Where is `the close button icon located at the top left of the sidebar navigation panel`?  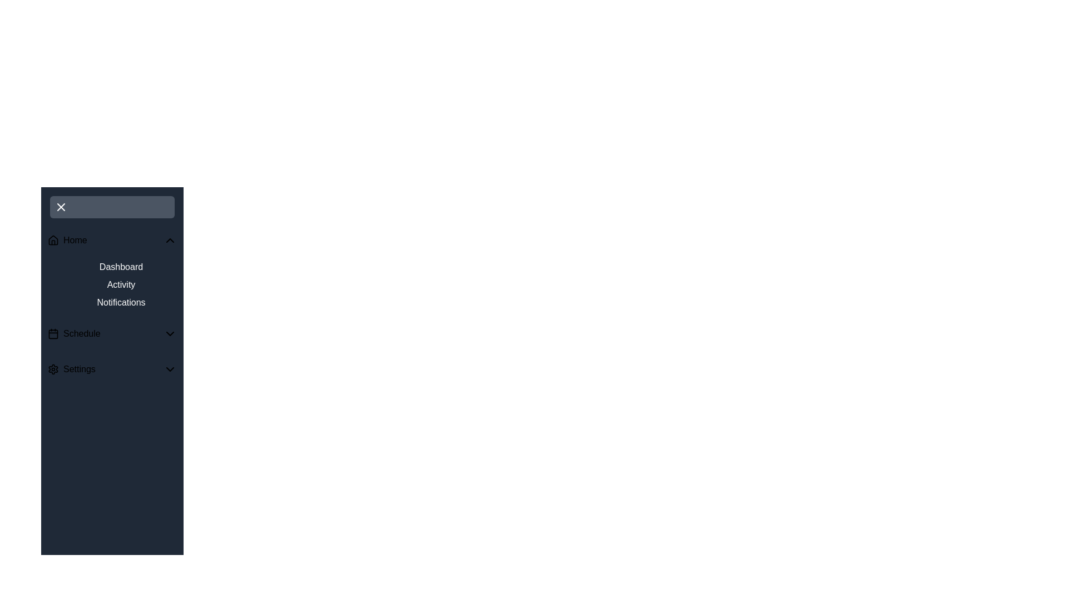 the close button icon located at the top left of the sidebar navigation panel is located at coordinates (61, 207).